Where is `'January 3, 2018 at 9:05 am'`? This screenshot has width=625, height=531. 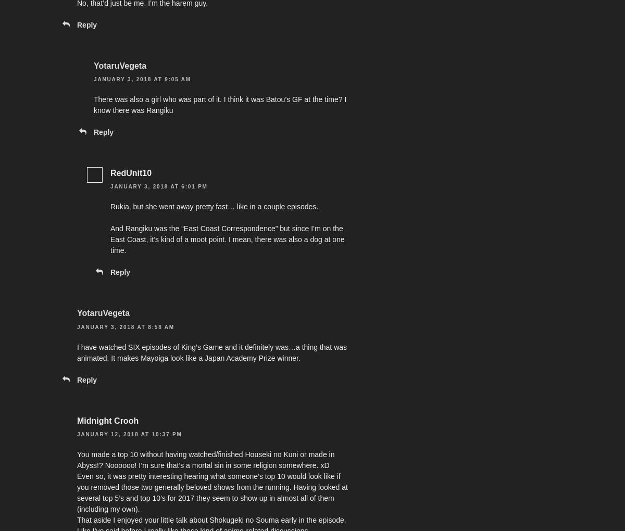 'January 3, 2018 at 9:05 am' is located at coordinates (93, 79).